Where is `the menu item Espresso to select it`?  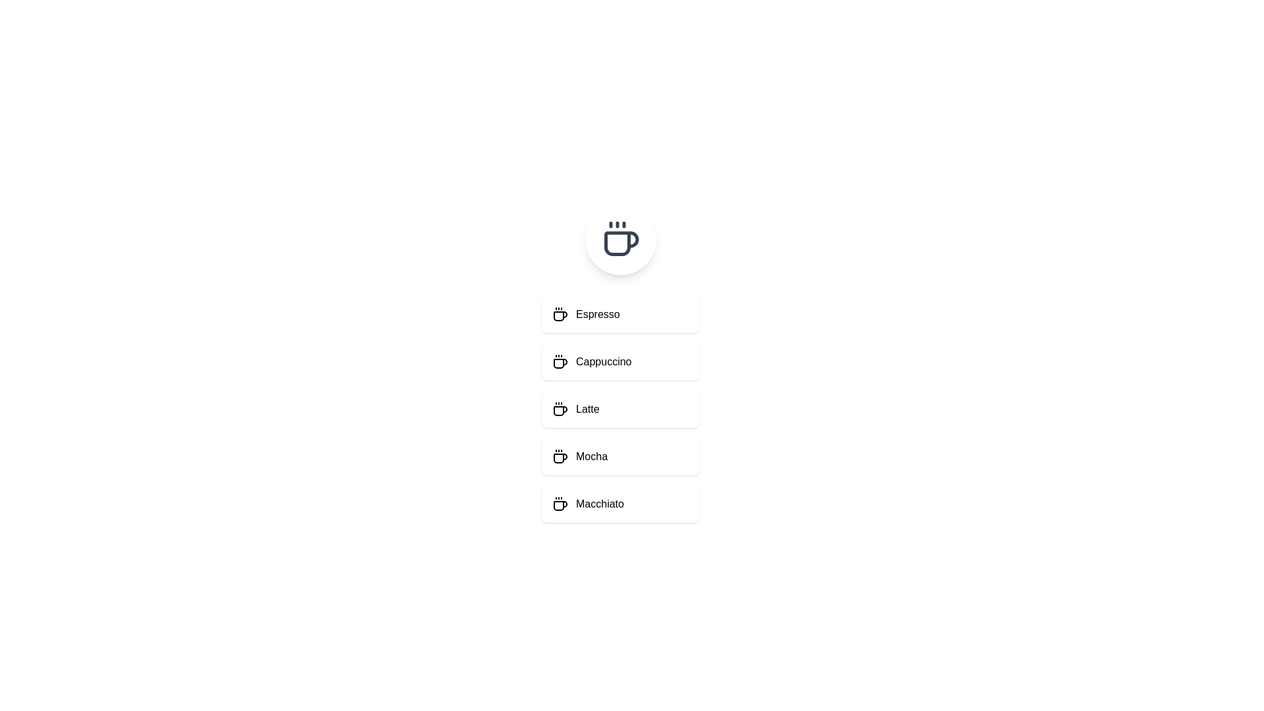 the menu item Espresso to select it is located at coordinates (619, 315).